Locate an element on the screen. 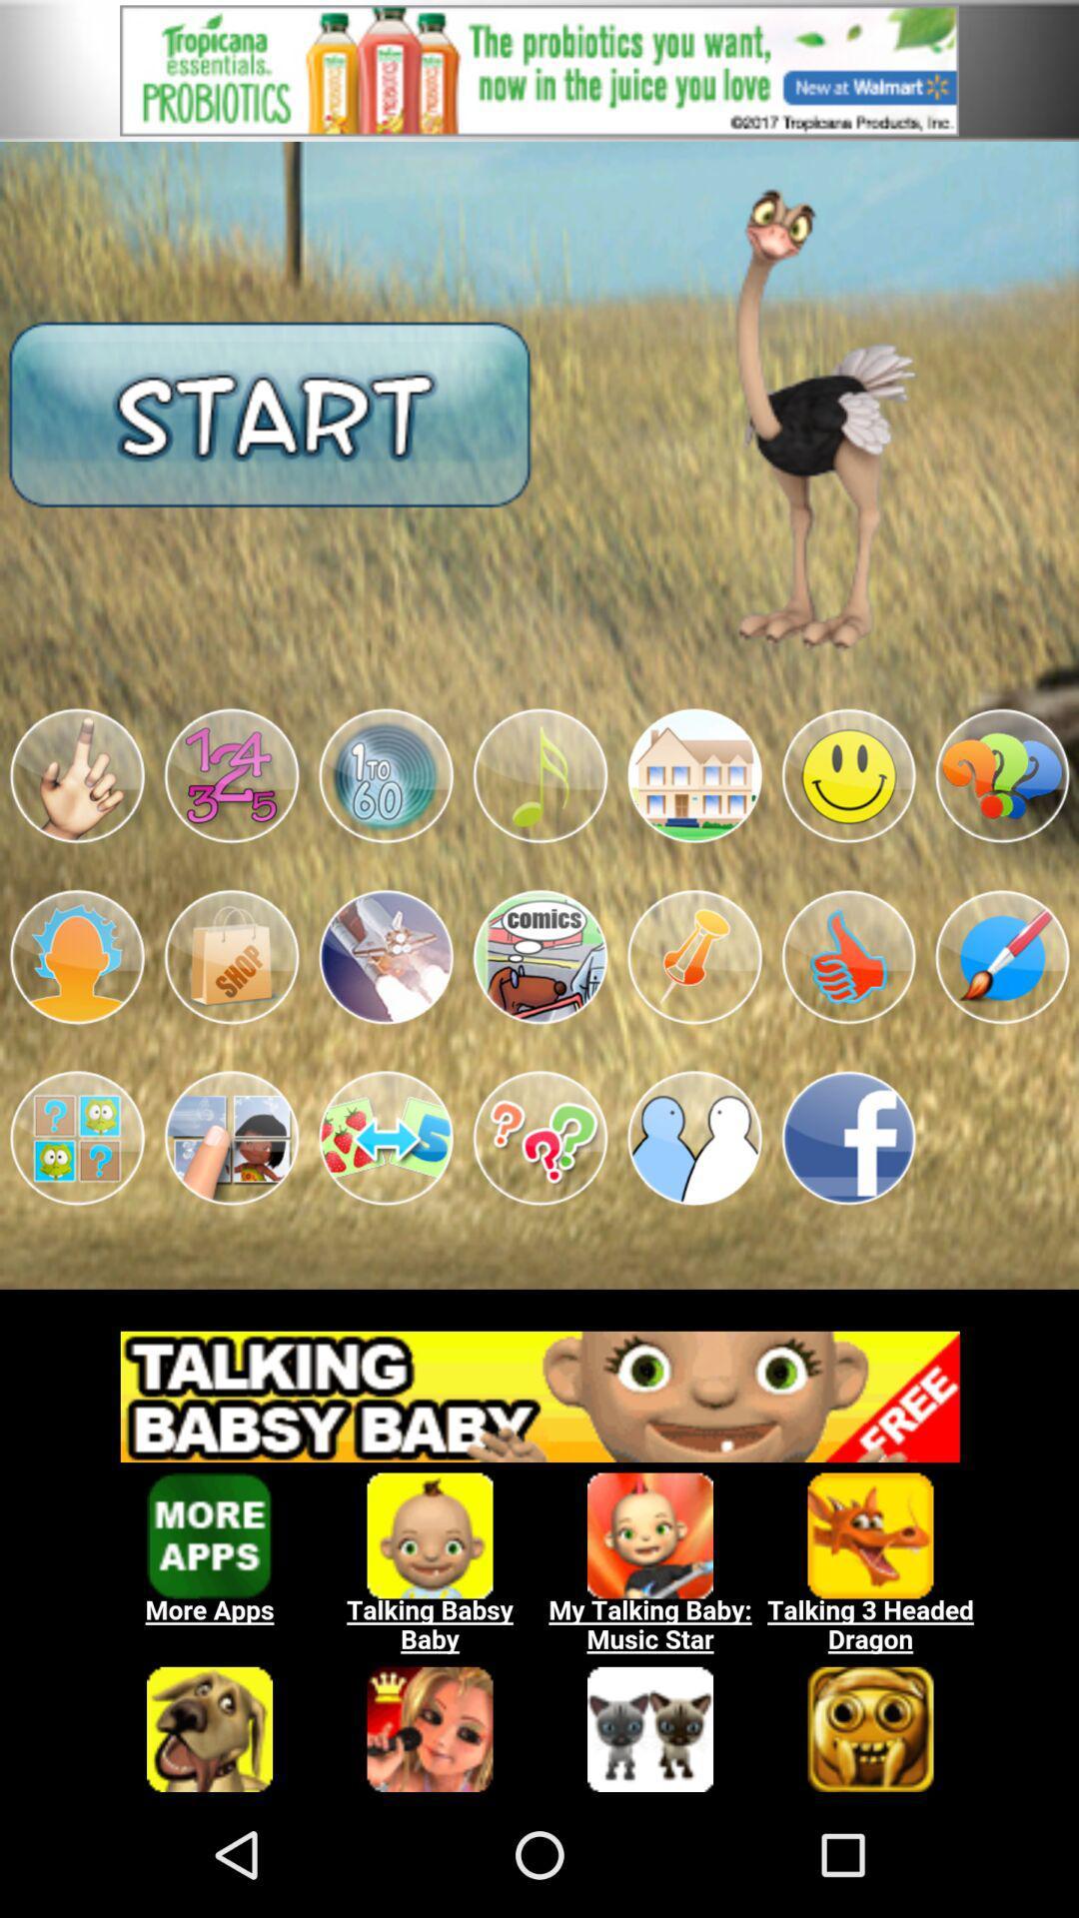  open image is located at coordinates (693, 775).